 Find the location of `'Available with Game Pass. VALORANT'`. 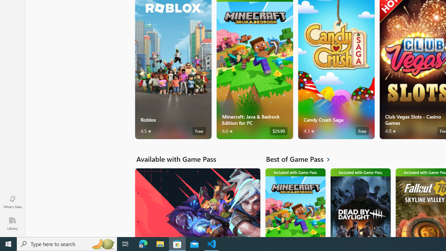

'Available with Game Pass. VALORANT' is located at coordinates (197, 202).